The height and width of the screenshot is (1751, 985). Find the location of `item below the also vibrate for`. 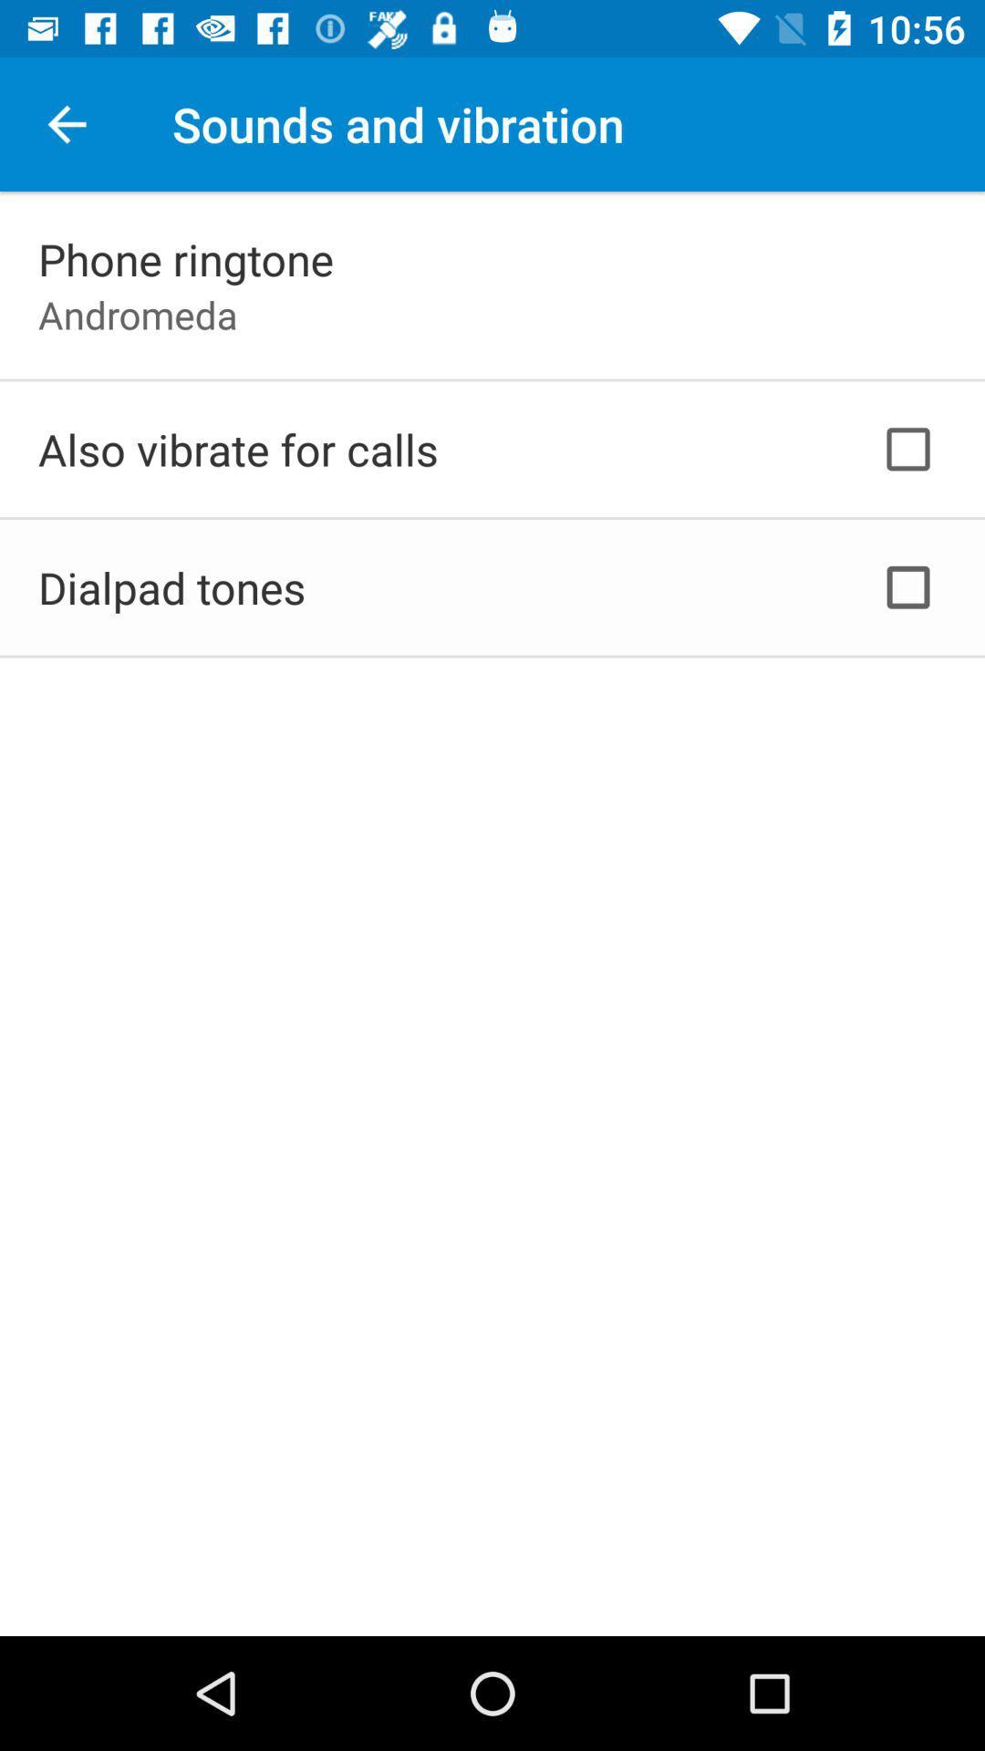

item below the also vibrate for is located at coordinates (171, 587).